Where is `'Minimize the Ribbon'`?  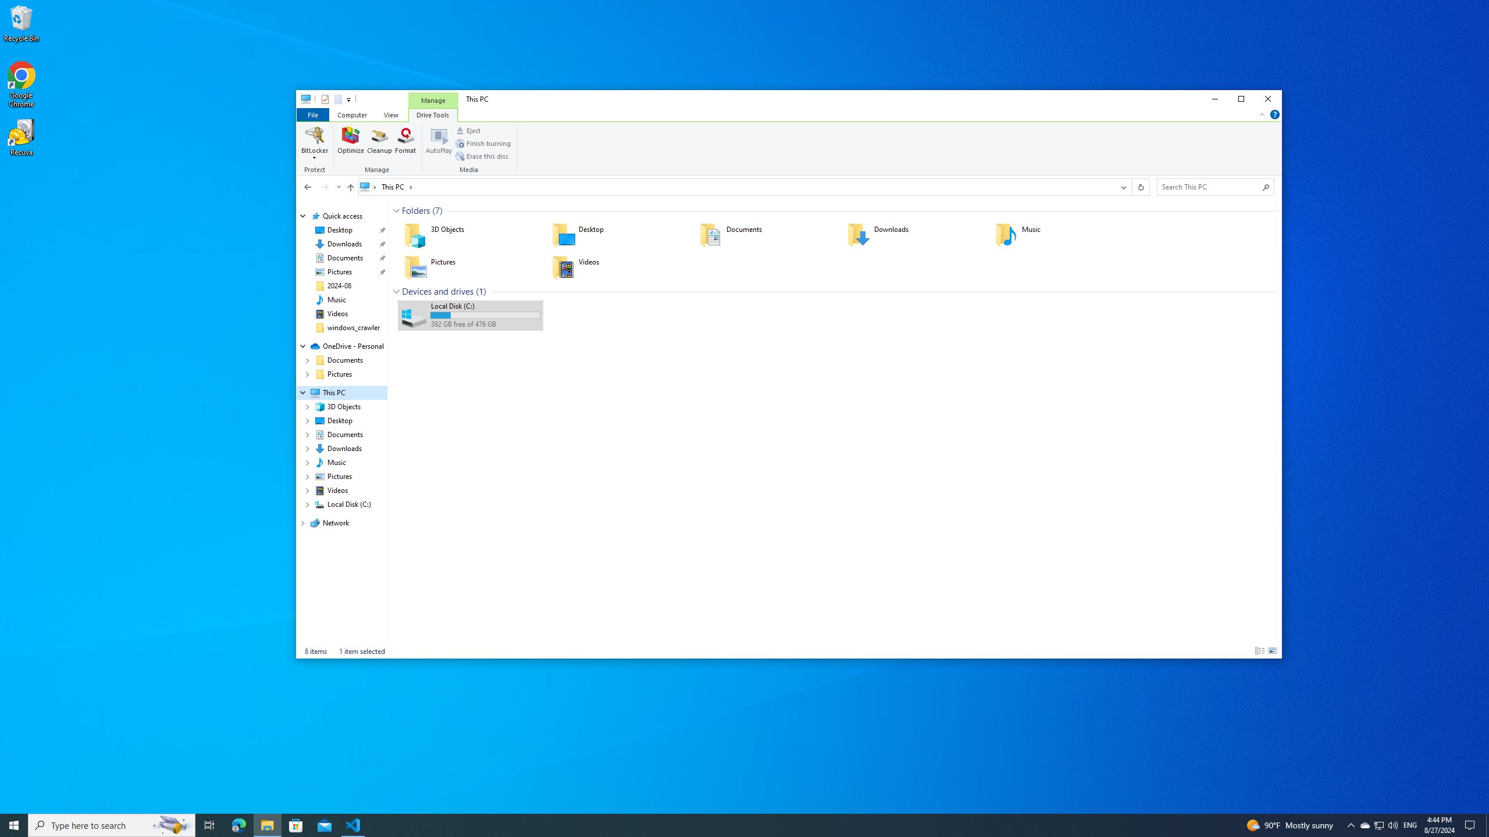 'Minimize the Ribbon' is located at coordinates (1261, 113).